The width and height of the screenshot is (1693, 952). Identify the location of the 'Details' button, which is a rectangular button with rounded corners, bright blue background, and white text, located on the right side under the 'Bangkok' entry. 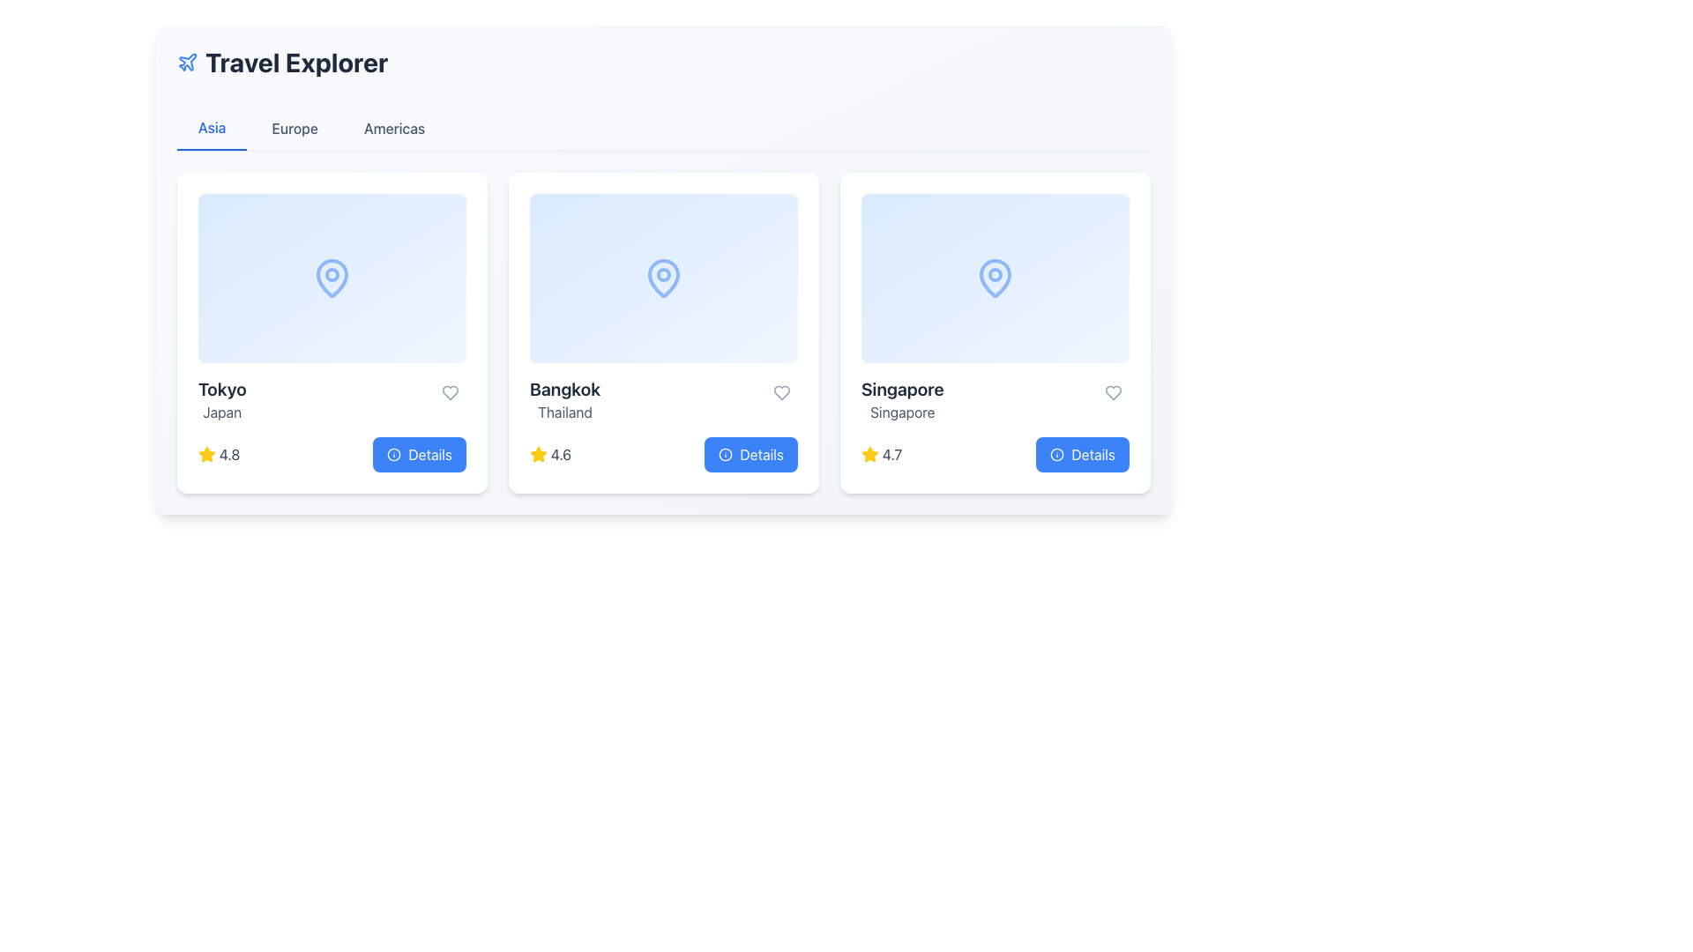
(751, 454).